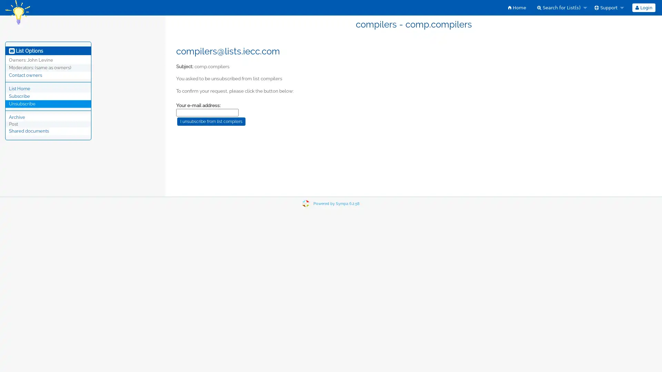 The width and height of the screenshot is (662, 372). Describe the element at coordinates (211, 121) in the screenshot. I see `I unsubscribe from list compilers` at that location.